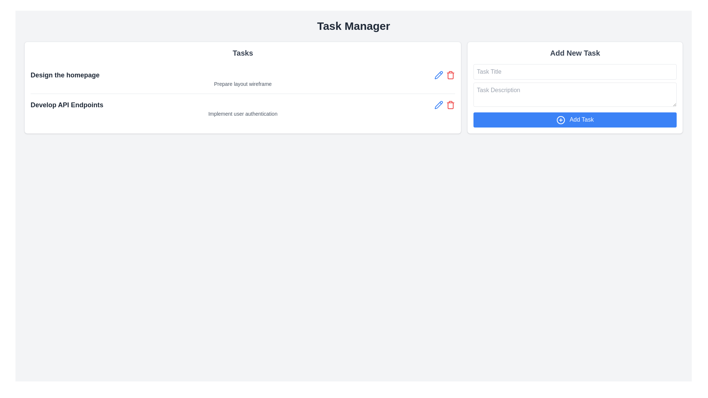 This screenshot has width=708, height=398. Describe the element at coordinates (243, 114) in the screenshot. I see `text label 'Implement user authentication' positioned under the headline 'Develop API Endpoints' in the task description section of the left panel labeled 'Tasks'` at that location.